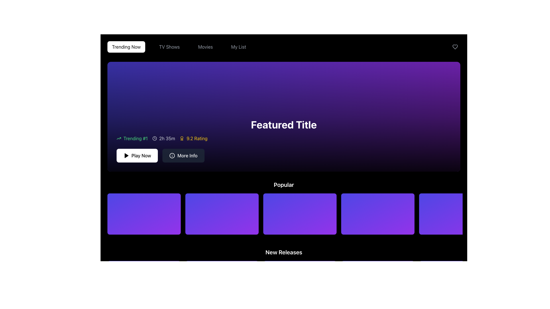 The height and width of the screenshot is (309, 550). Describe the element at coordinates (132, 138) in the screenshot. I see `the ranking indicator label with icon that signifies the item is currently trending and ranked first, located below the 'Featured Title'` at that location.